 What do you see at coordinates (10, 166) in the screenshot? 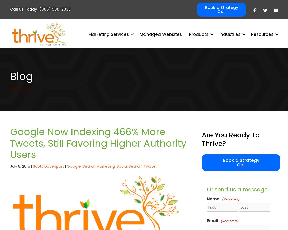
I see `'July 8, 2015'` at bounding box center [10, 166].